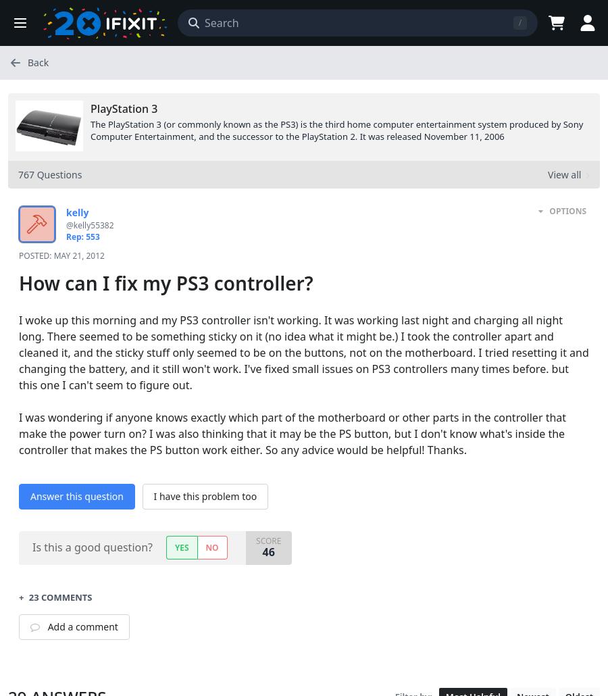  Describe the element at coordinates (95, 659) in the screenshot. I see `'May 22, 2012'` at that location.